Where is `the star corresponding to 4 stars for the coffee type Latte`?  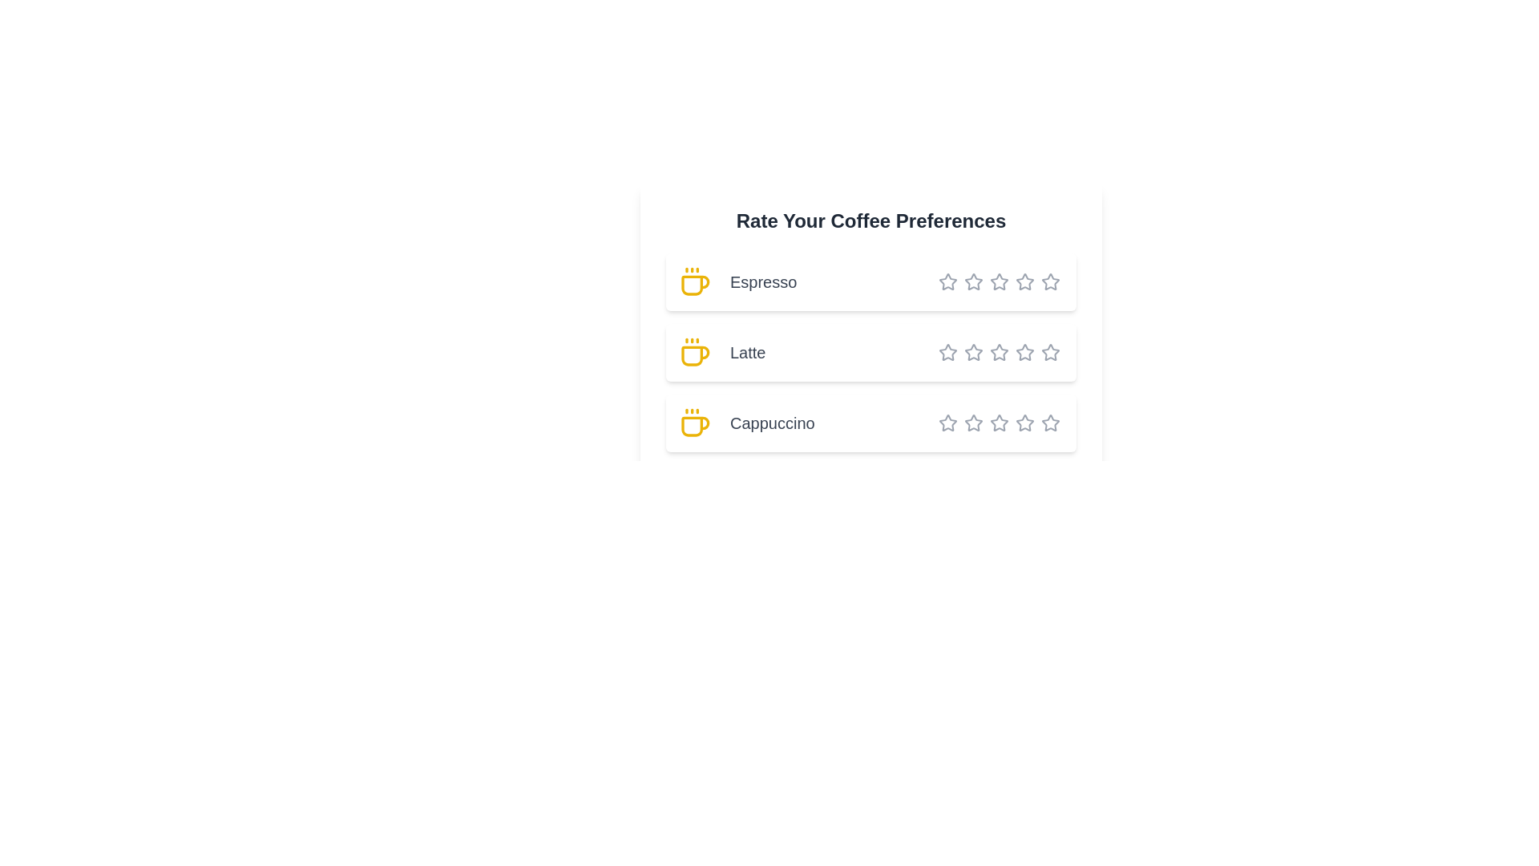 the star corresponding to 4 stars for the coffee type Latte is located at coordinates (996, 351).